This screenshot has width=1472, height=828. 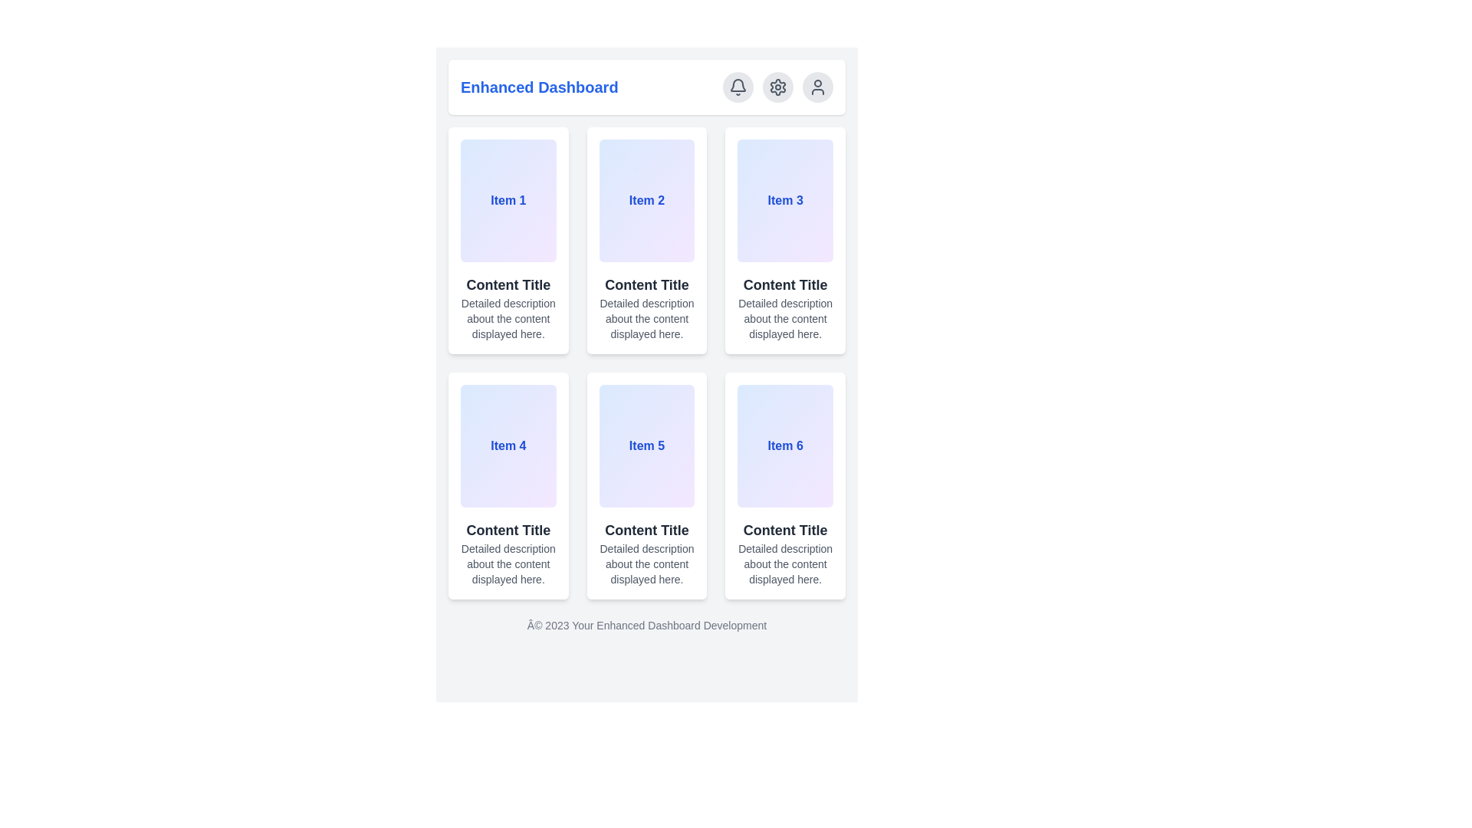 I want to click on the Informational Card containing the title 'Item 4' and the section labeled 'Content Title' located in the second row, first column of the multi-column layout grid, so click(x=508, y=485).